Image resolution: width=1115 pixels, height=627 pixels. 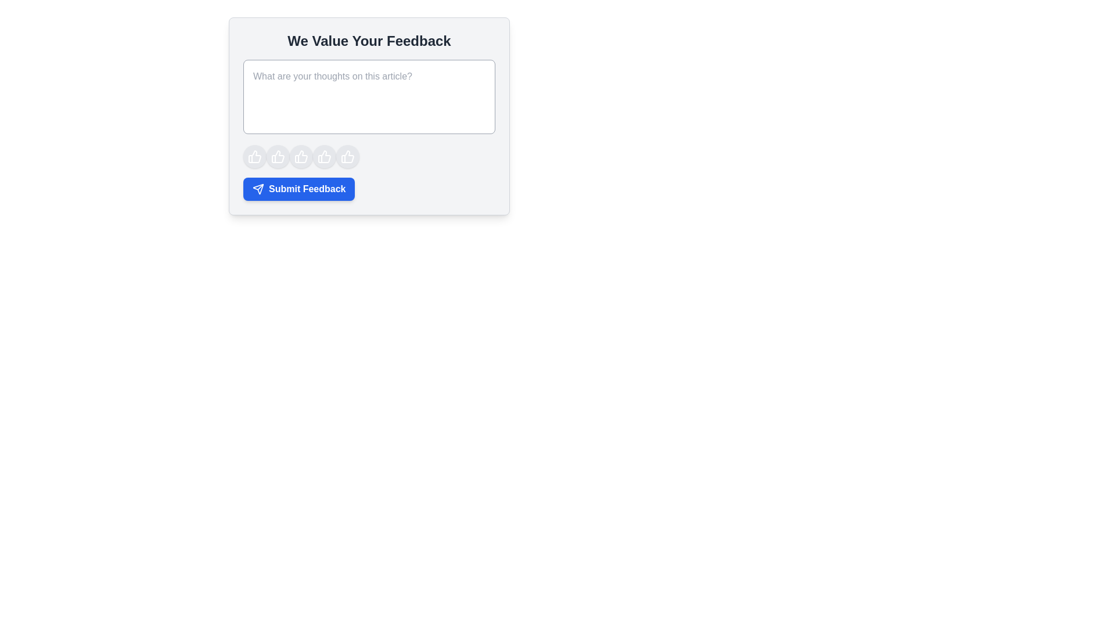 I want to click on the send or paper airplane icon within the 'Submit Feedback' button, which is visually represented as a geometric, angular vector graphic in an SVG component, so click(x=258, y=189).